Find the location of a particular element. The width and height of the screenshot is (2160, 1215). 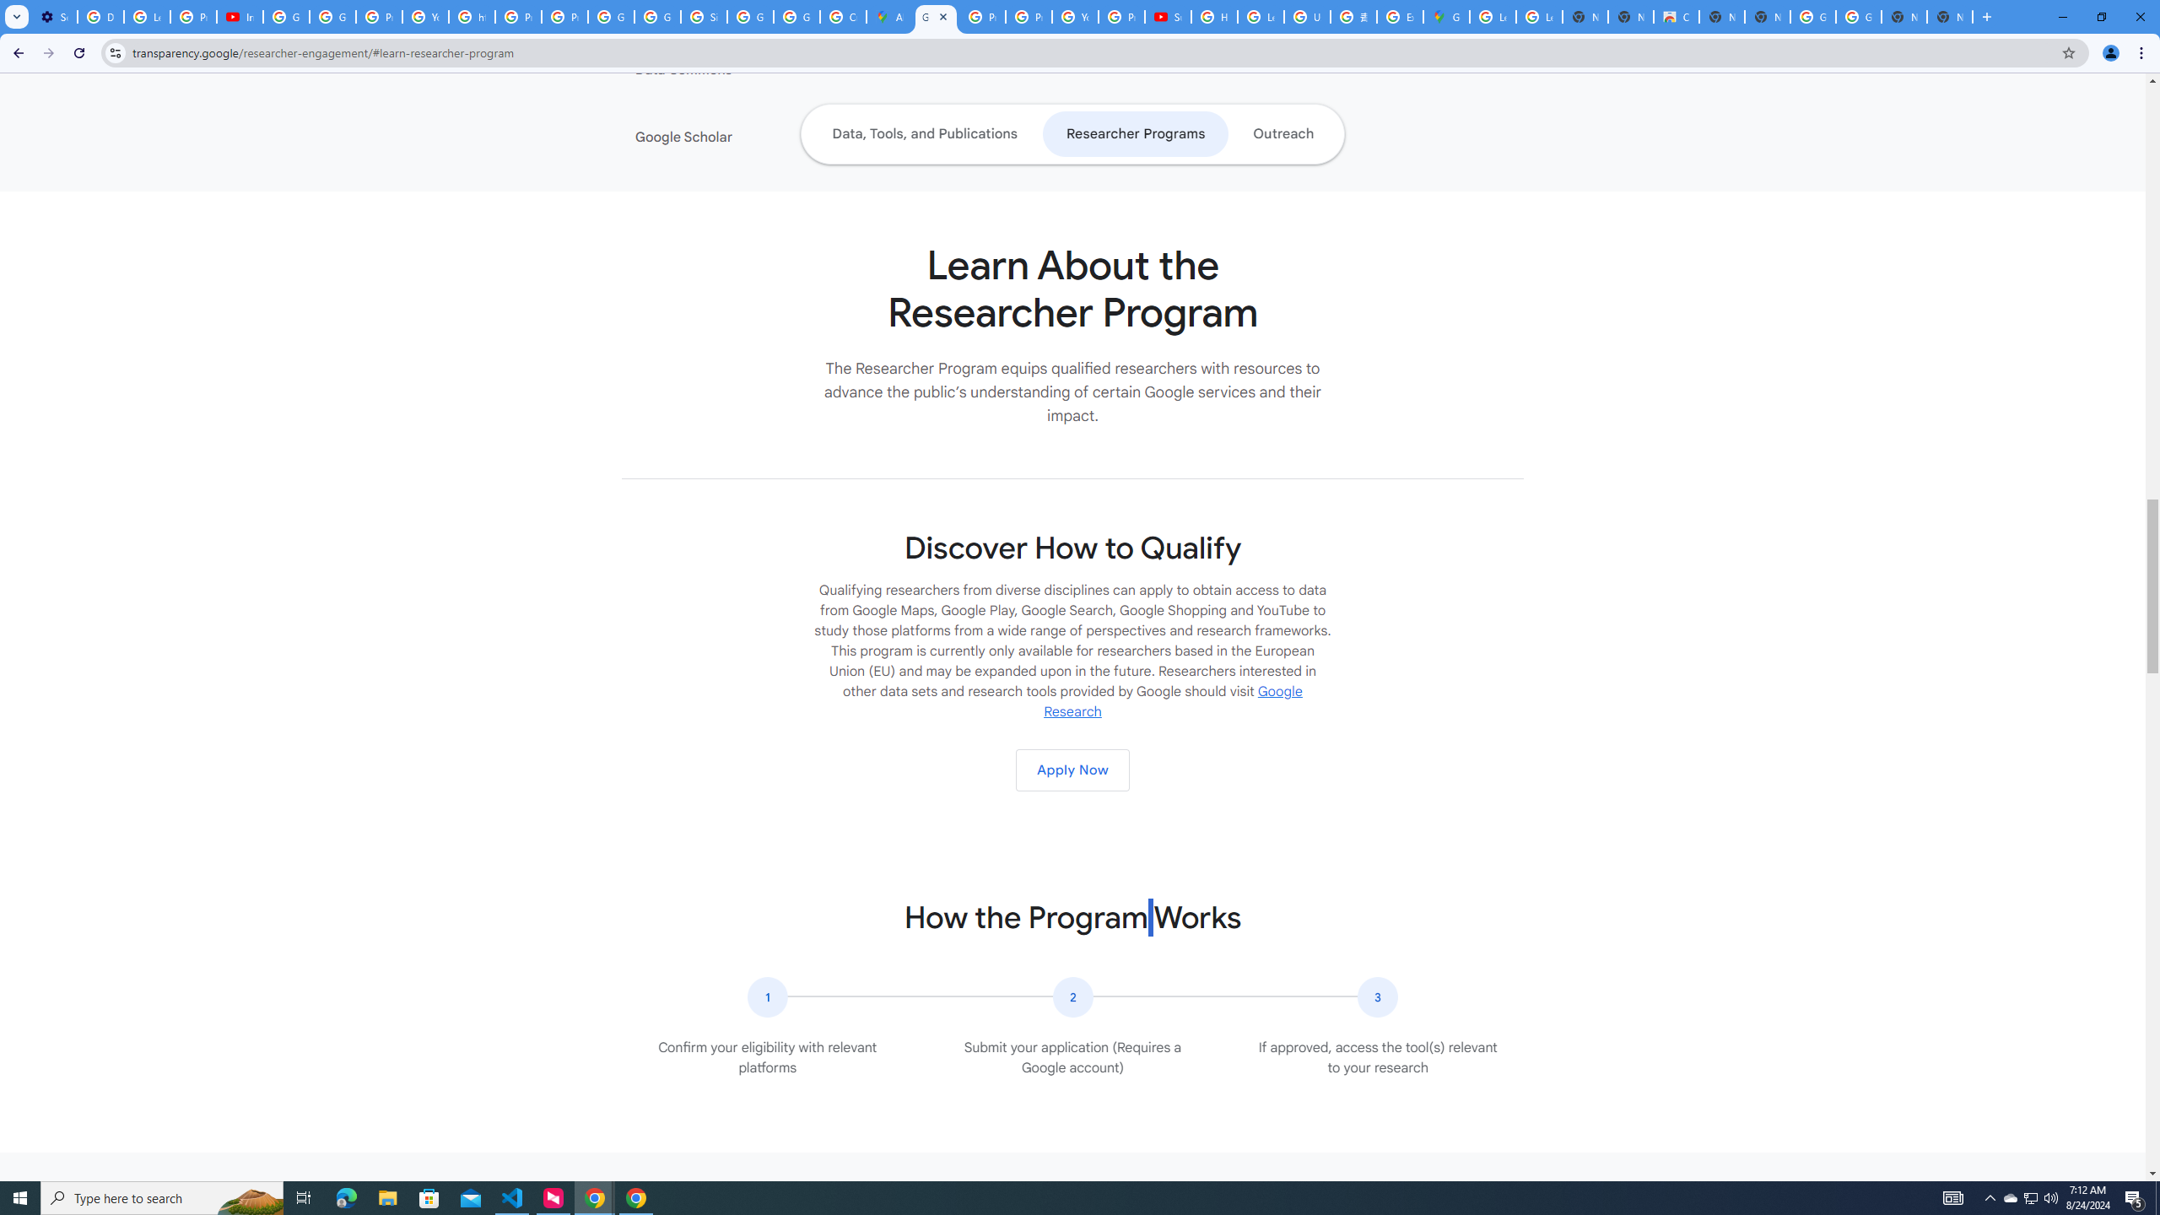

'Data Commons' is located at coordinates (738, 68).